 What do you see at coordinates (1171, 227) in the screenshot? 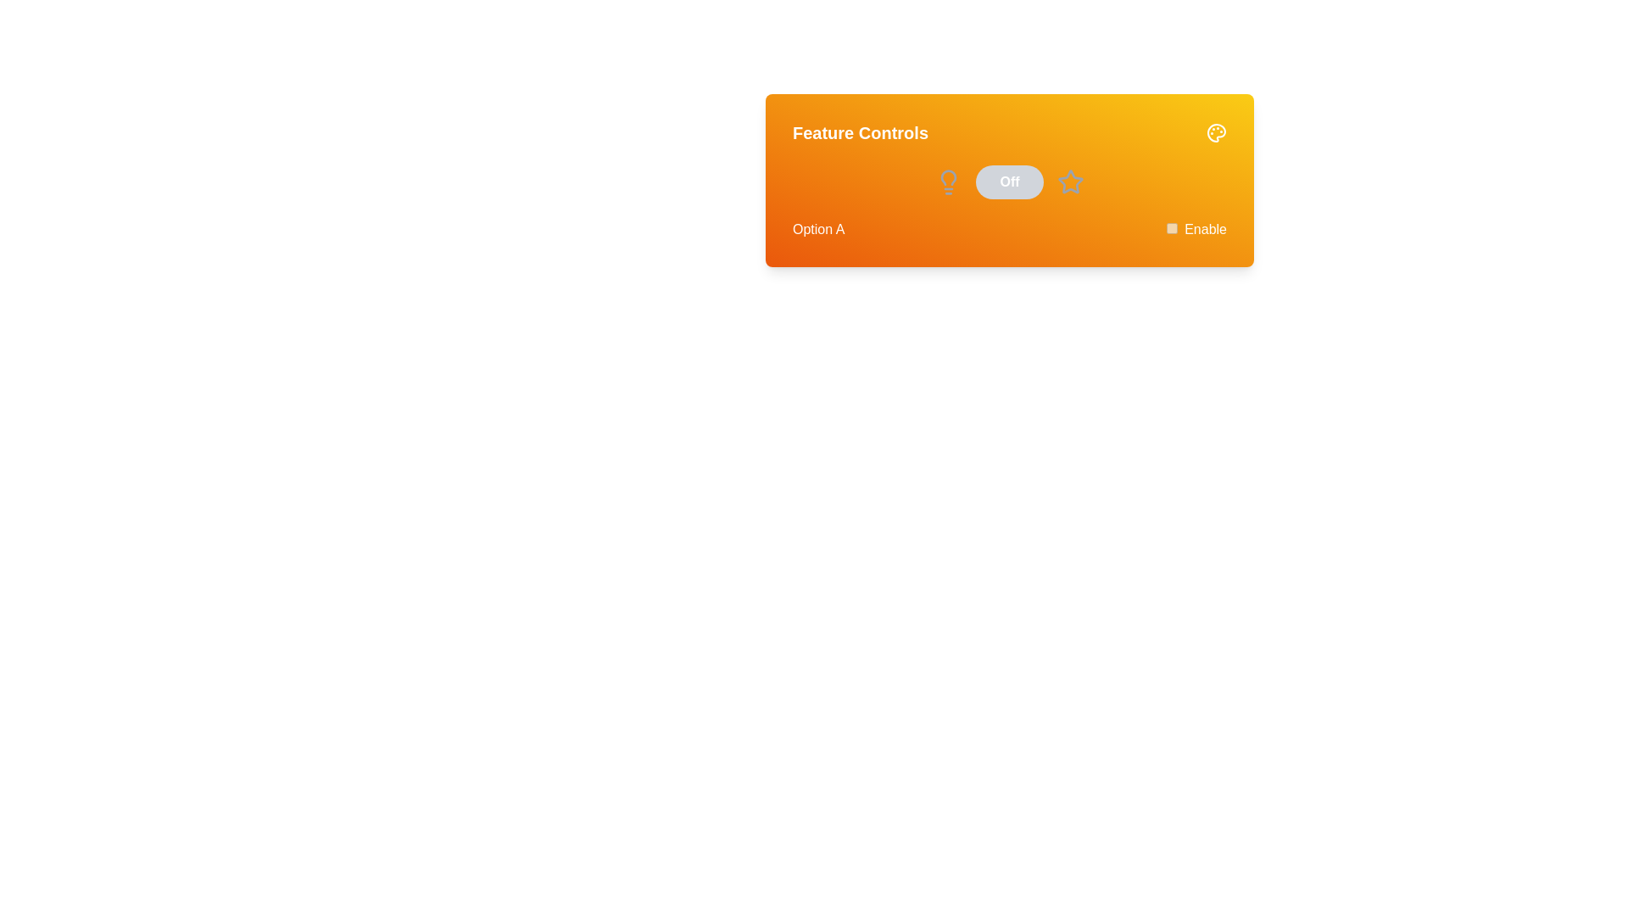
I see `the circular checkbox located to the left of the 'Enable' label` at bounding box center [1171, 227].